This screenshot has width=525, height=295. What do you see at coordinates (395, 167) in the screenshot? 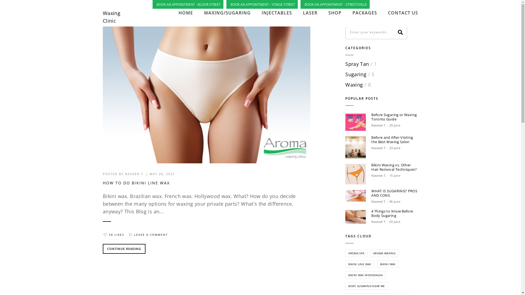
I see `'Bikini Waxing vs. Other Hair Removal Techniques?'` at bounding box center [395, 167].